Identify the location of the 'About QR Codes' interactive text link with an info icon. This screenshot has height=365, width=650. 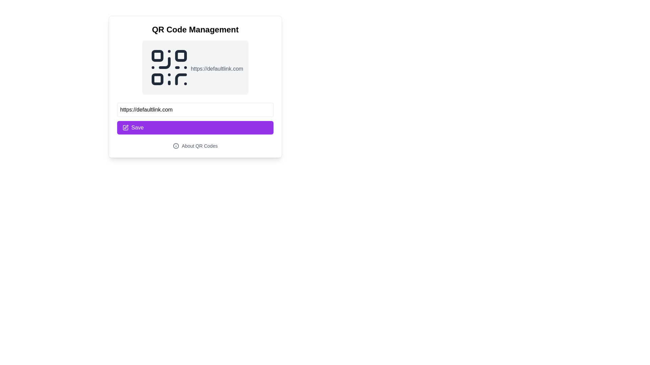
(195, 146).